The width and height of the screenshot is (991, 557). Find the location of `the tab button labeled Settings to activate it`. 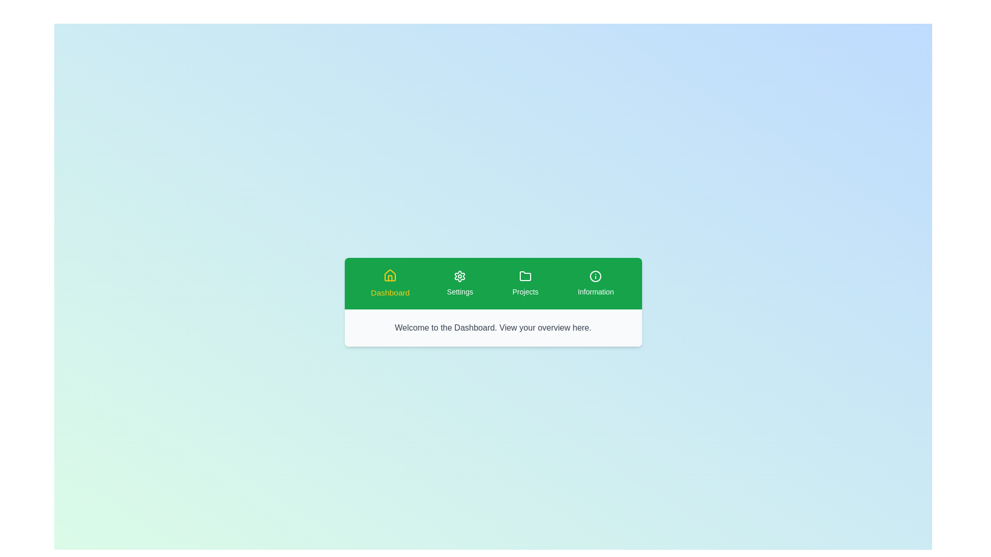

the tab button labeled Settings to activate it is located at coordinates (459, 284).